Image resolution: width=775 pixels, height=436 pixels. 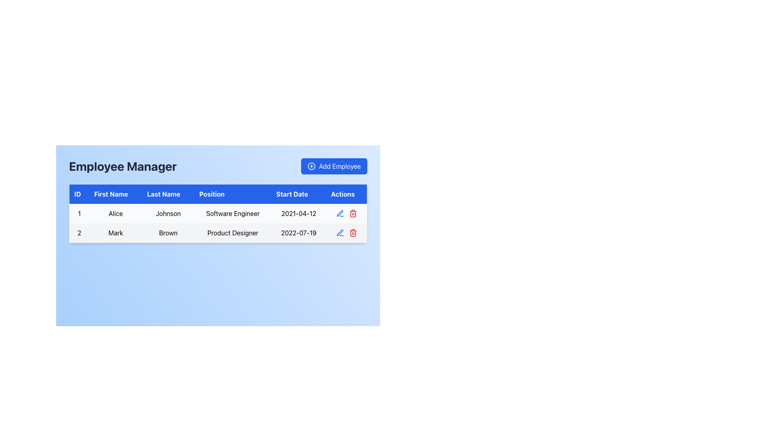 I want to click on on the text label displaying 'Johnson' under the 'Last Name' column in the employee table, so click(x=168, y=213).